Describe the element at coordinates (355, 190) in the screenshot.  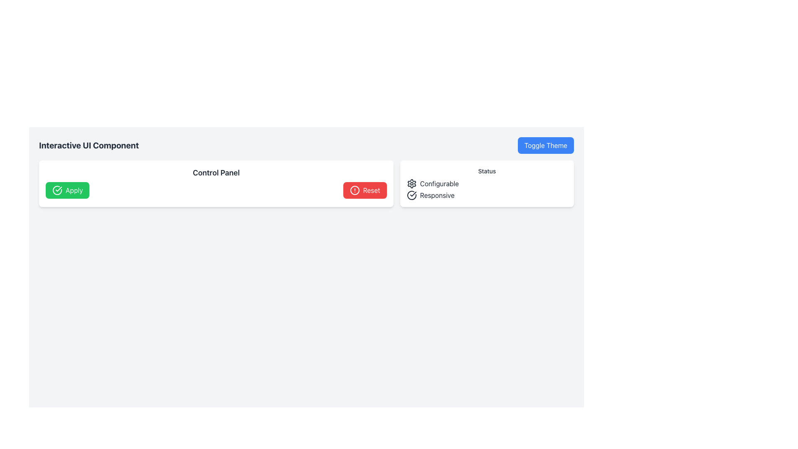
I see `the warning icon associated with the 'Reset' button located in the control panel area to the left of the 'Reset' text label` at that location.